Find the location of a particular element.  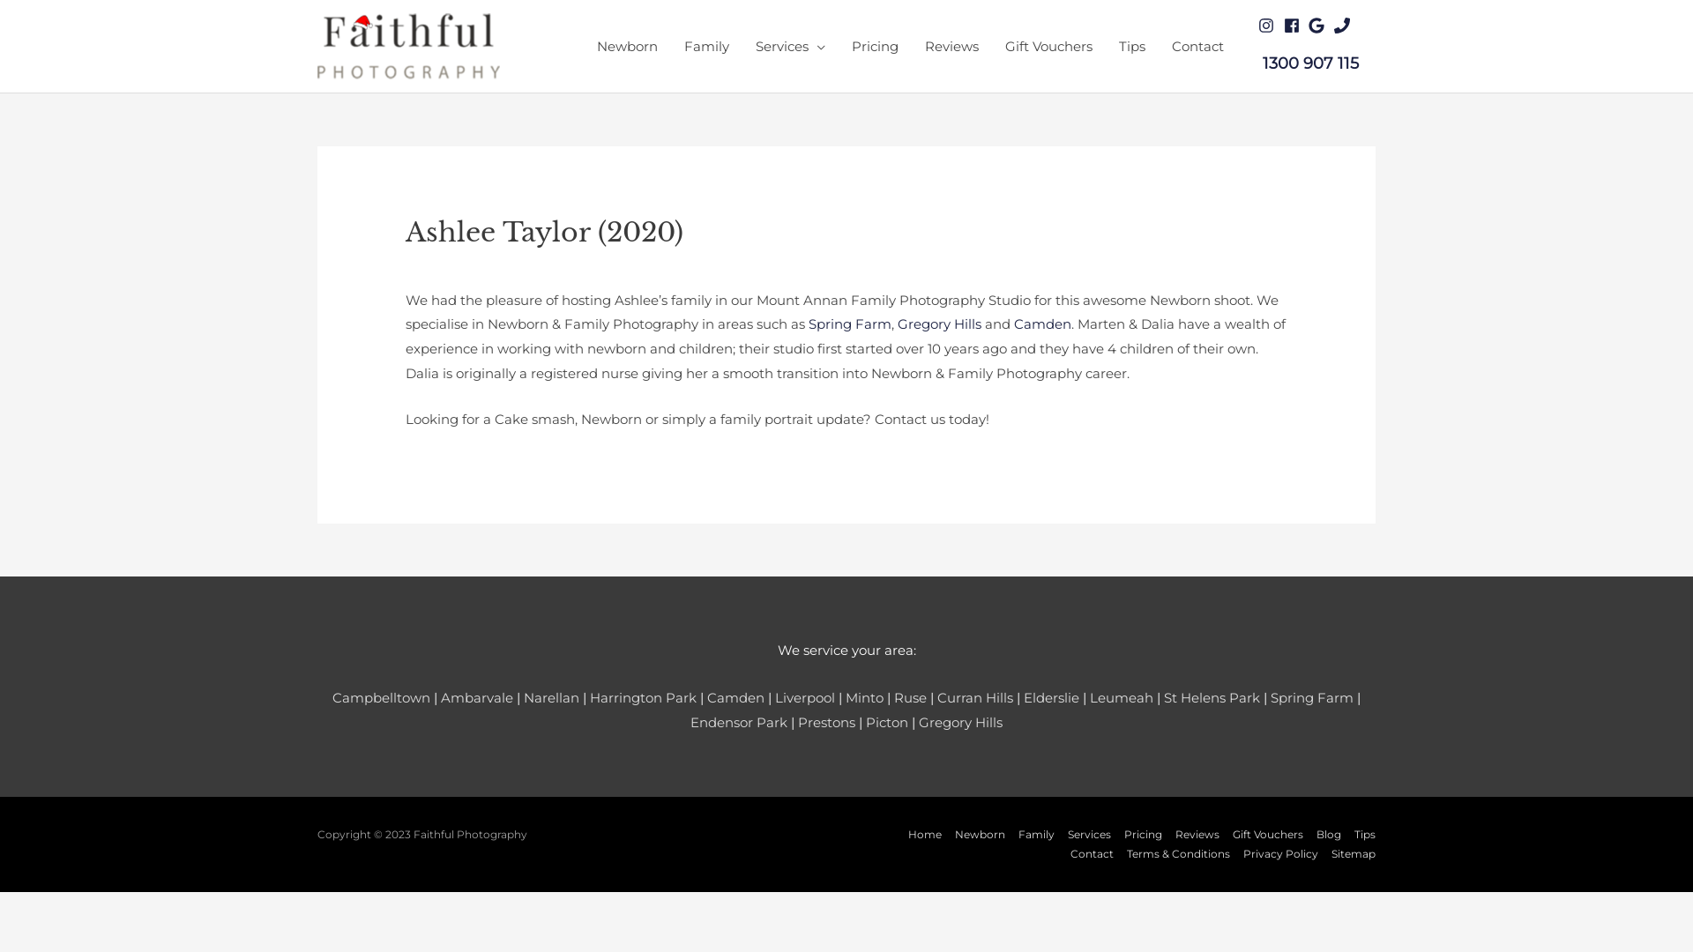

'Terms & Conditions' is located at coordinates (1173, 852).